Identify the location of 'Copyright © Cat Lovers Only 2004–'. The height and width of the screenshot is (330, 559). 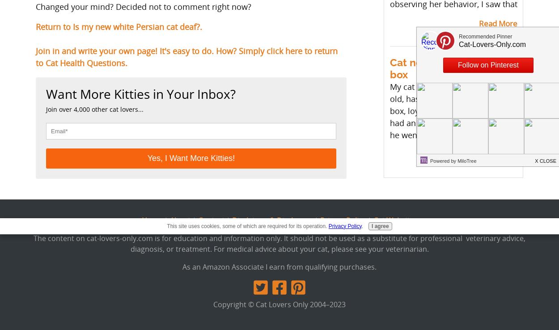
(213, 303).